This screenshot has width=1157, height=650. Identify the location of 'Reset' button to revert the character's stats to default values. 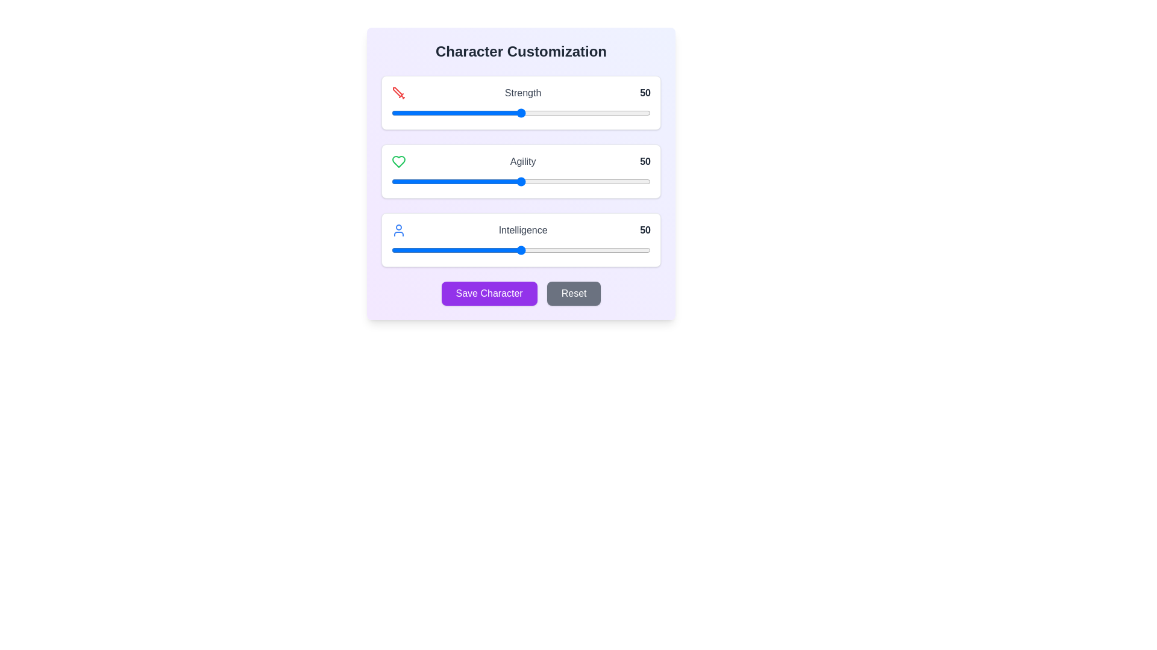
(573, 294).